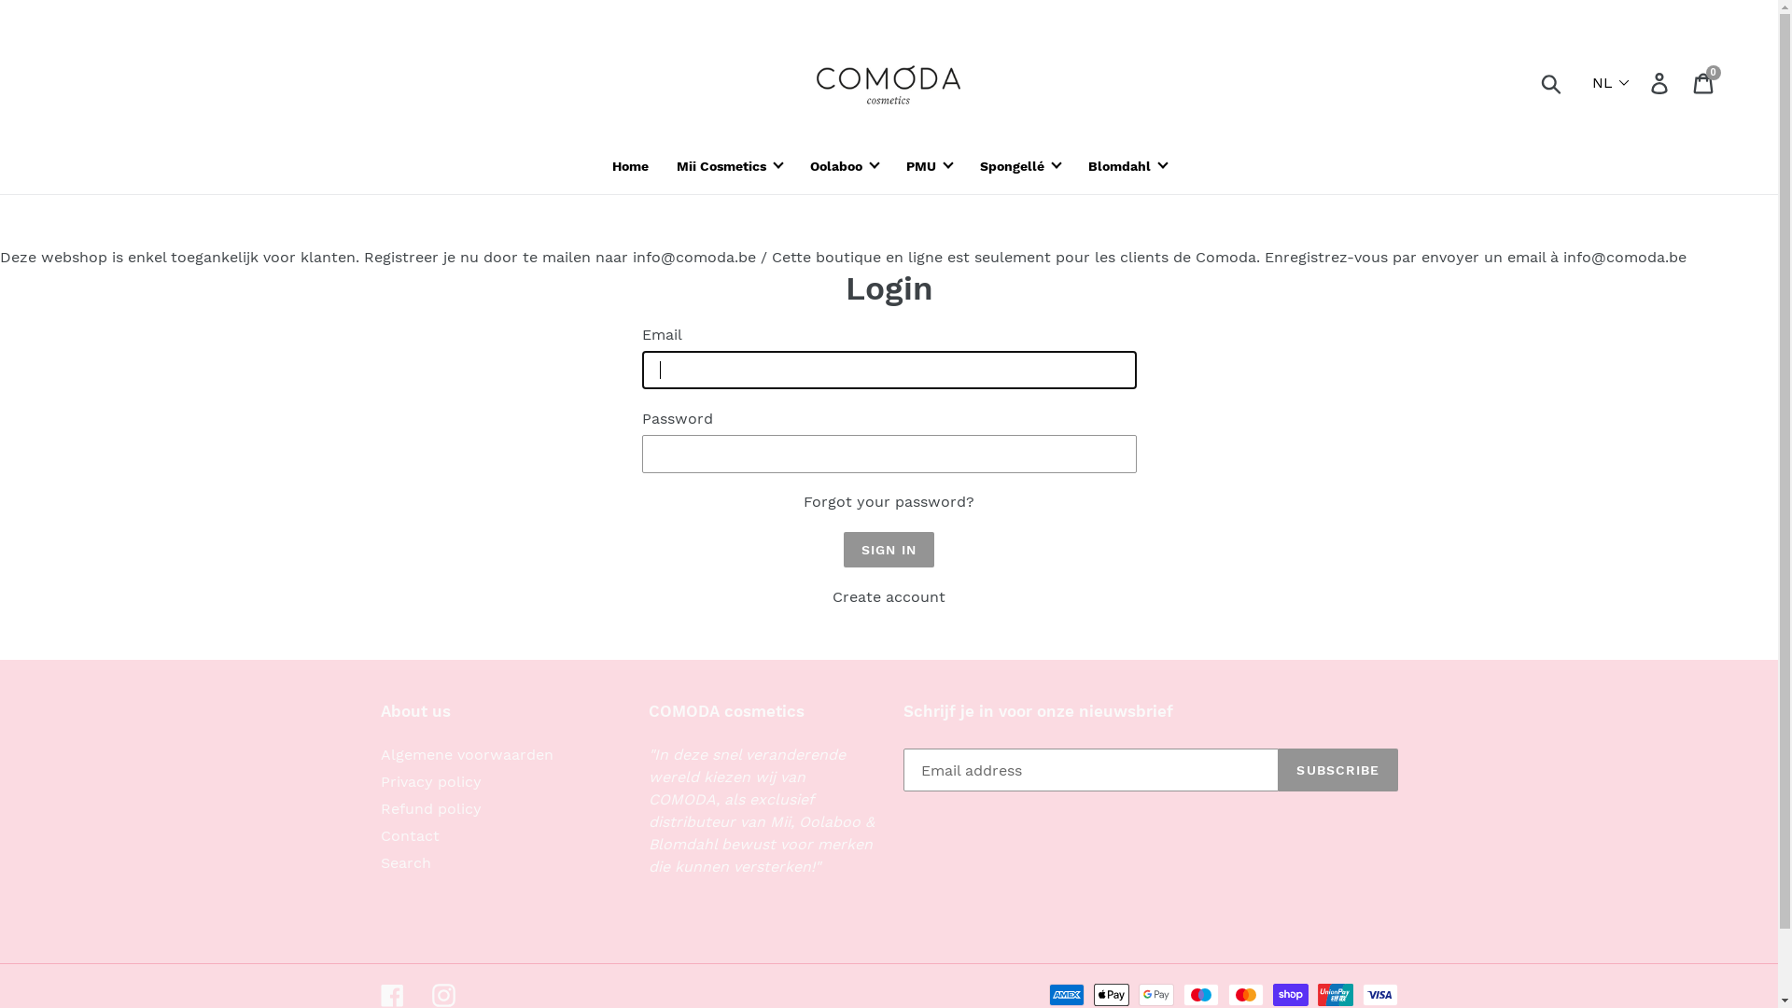 This screenshot has width=1792, height=1008. I want to click on 'Sign In', so click(888, 549).